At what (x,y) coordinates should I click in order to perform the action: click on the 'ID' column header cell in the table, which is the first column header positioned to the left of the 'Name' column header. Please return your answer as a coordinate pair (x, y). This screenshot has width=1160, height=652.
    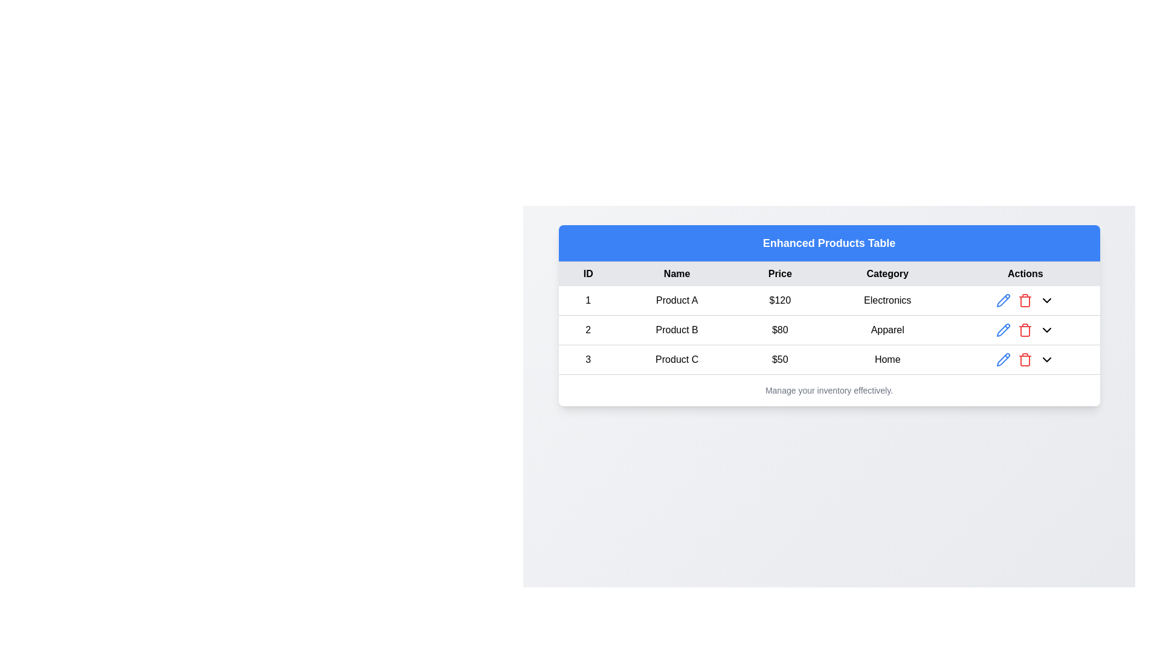
    Looking at the image, I should click on (588, 273).